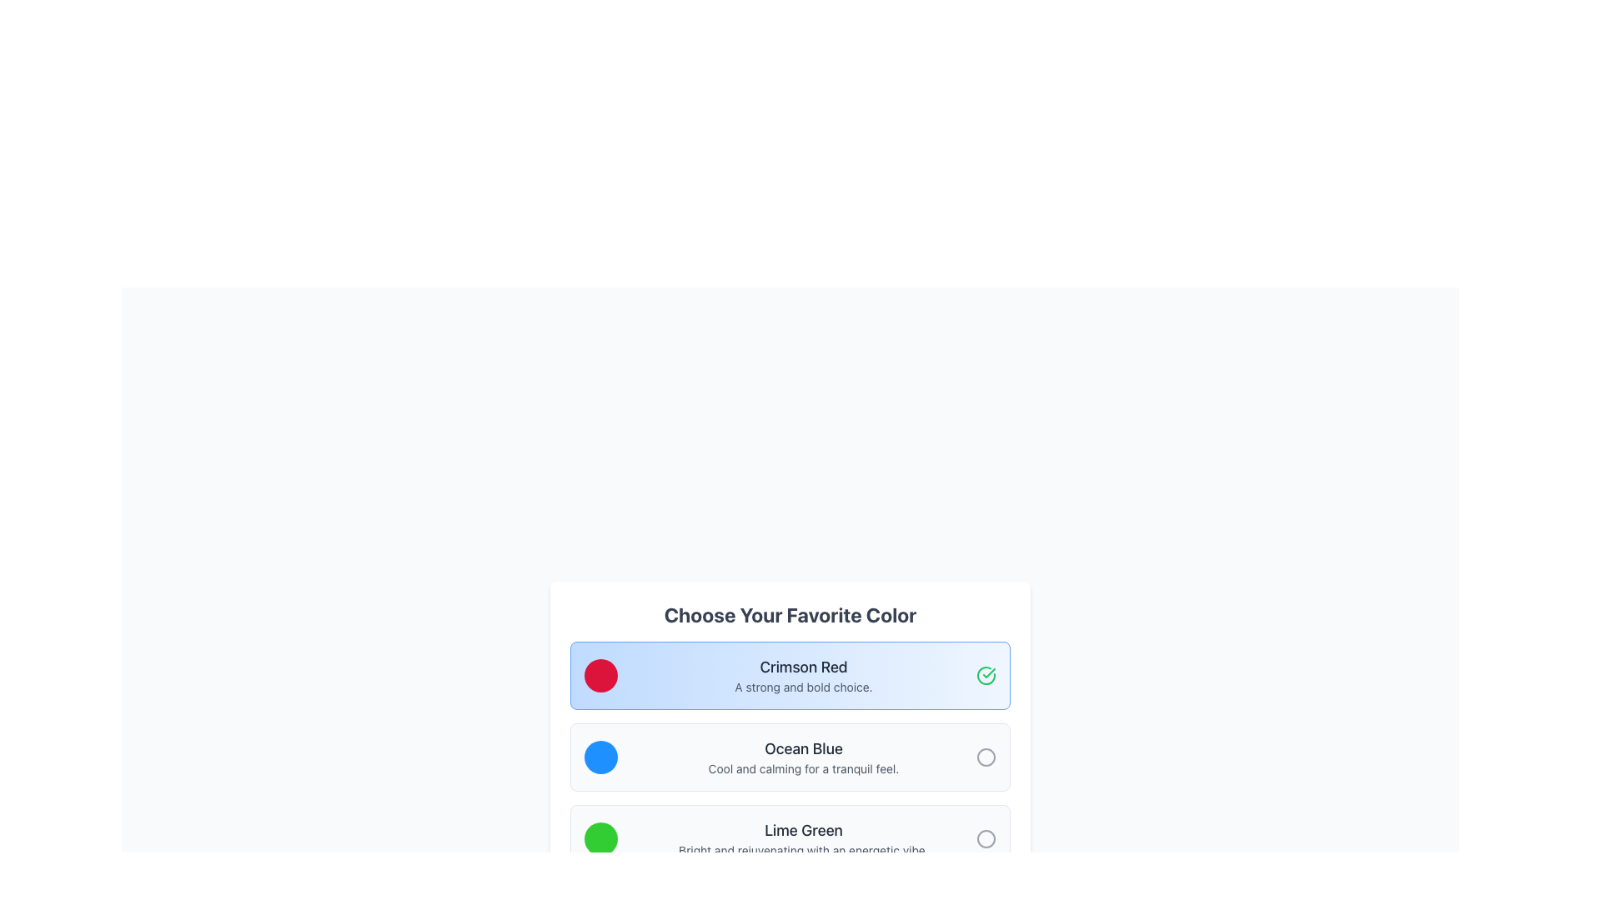 The width and height of the screenshot is (1601, 900). Describe the element at coordinates (790, 736) in the screenshot. I see `to select the 'Ocean Blue' radio button option, which is the second option in a list of three under the title 'Choose Your Favorite Color'` at that location.